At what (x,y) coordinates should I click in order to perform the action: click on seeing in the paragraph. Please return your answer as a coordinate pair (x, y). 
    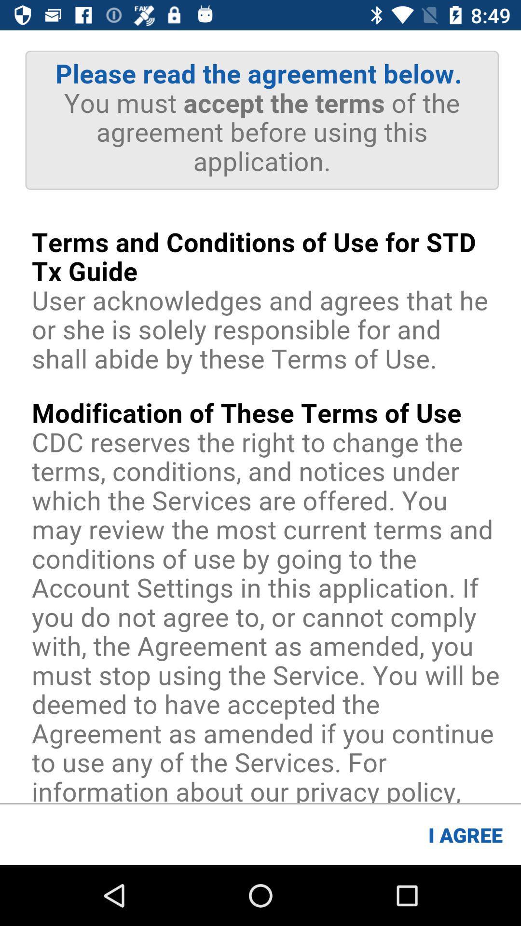
    Looking at the image, I should click on (260, 417).